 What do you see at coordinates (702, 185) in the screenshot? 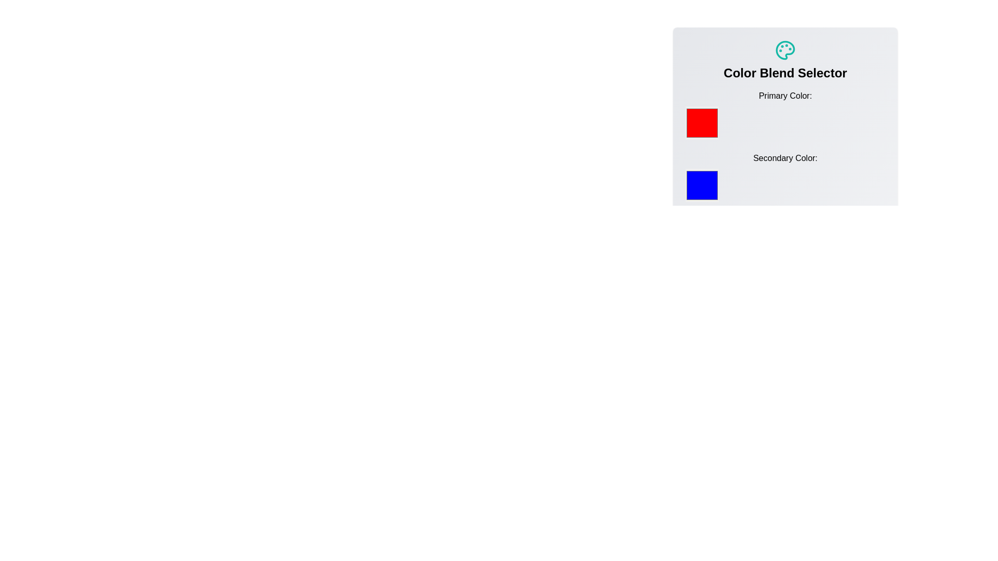
I see `the bright blue color input box located under 'Secondary Color:' in the 'Color Blend Selector' section` at bounding box center [702, 185].